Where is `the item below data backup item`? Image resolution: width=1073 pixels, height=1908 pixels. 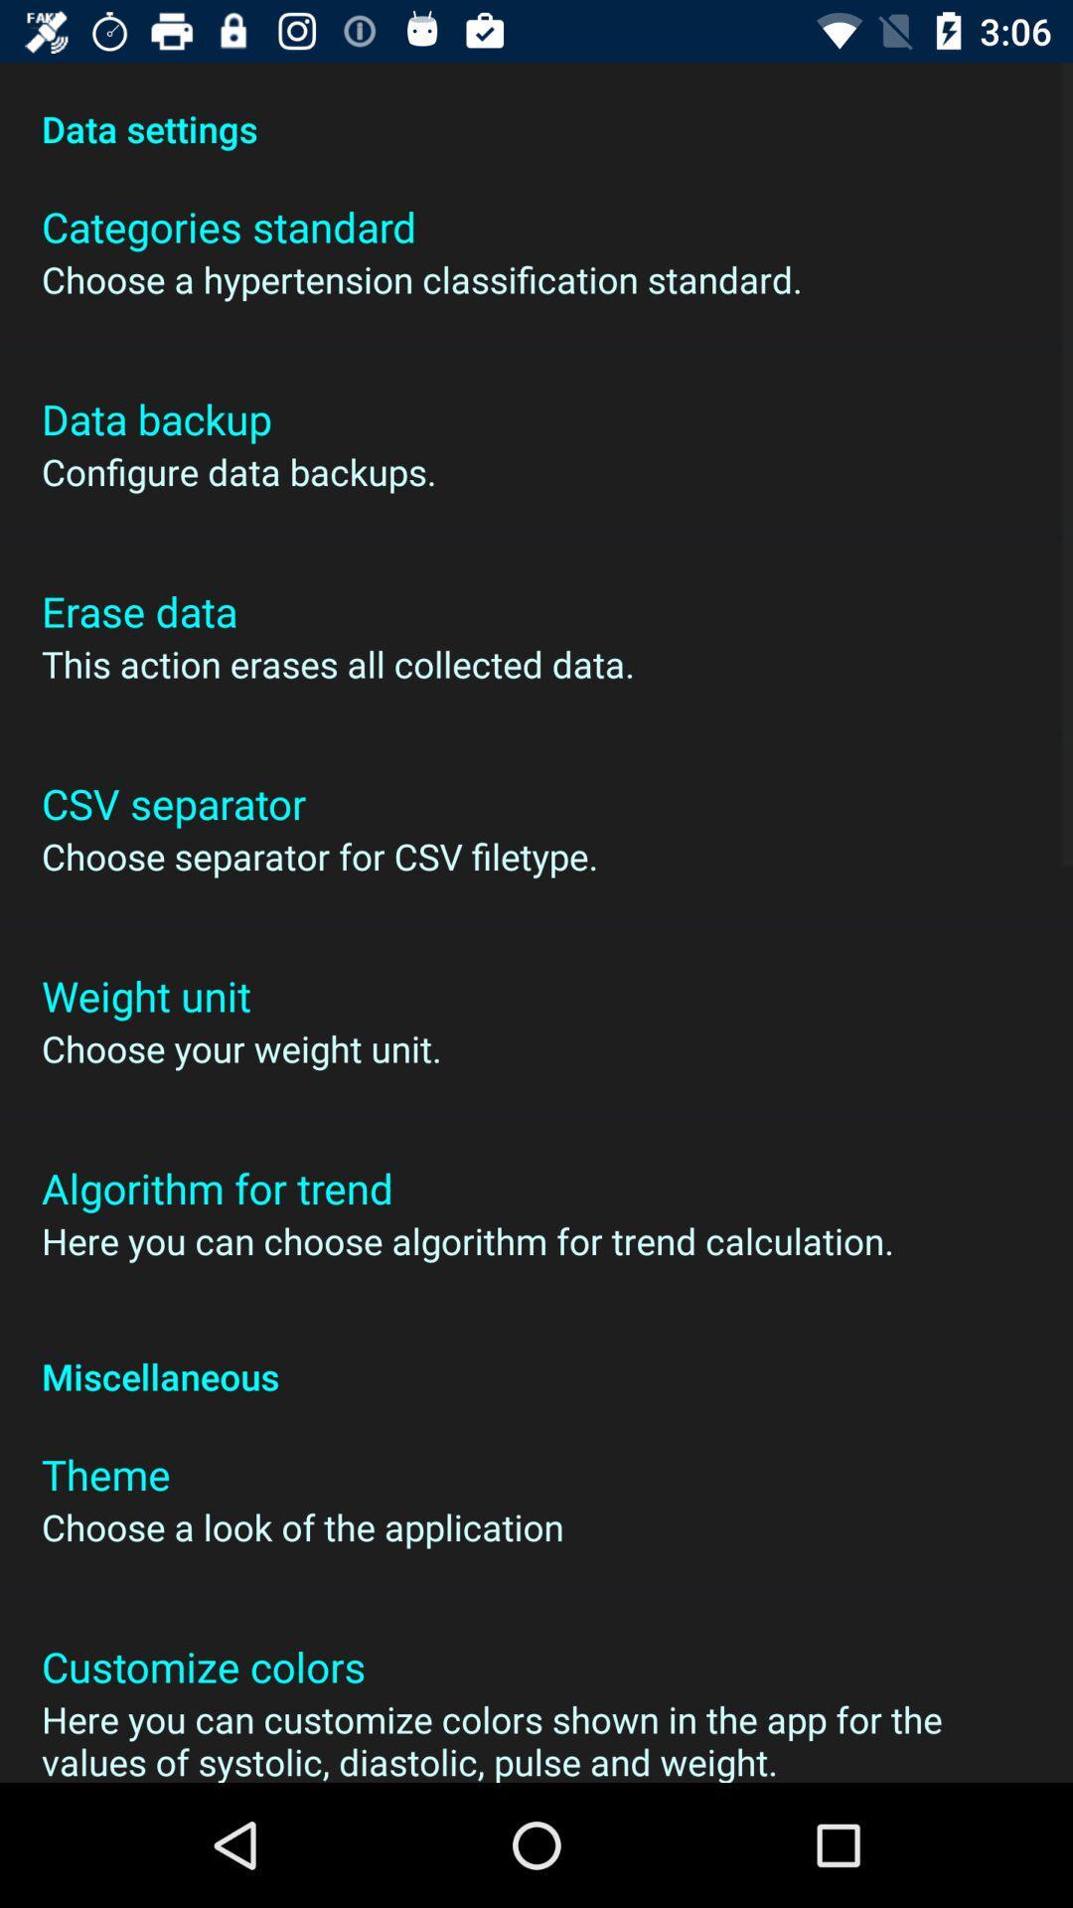
the item below data backup item is located at coordinates (237, 470).